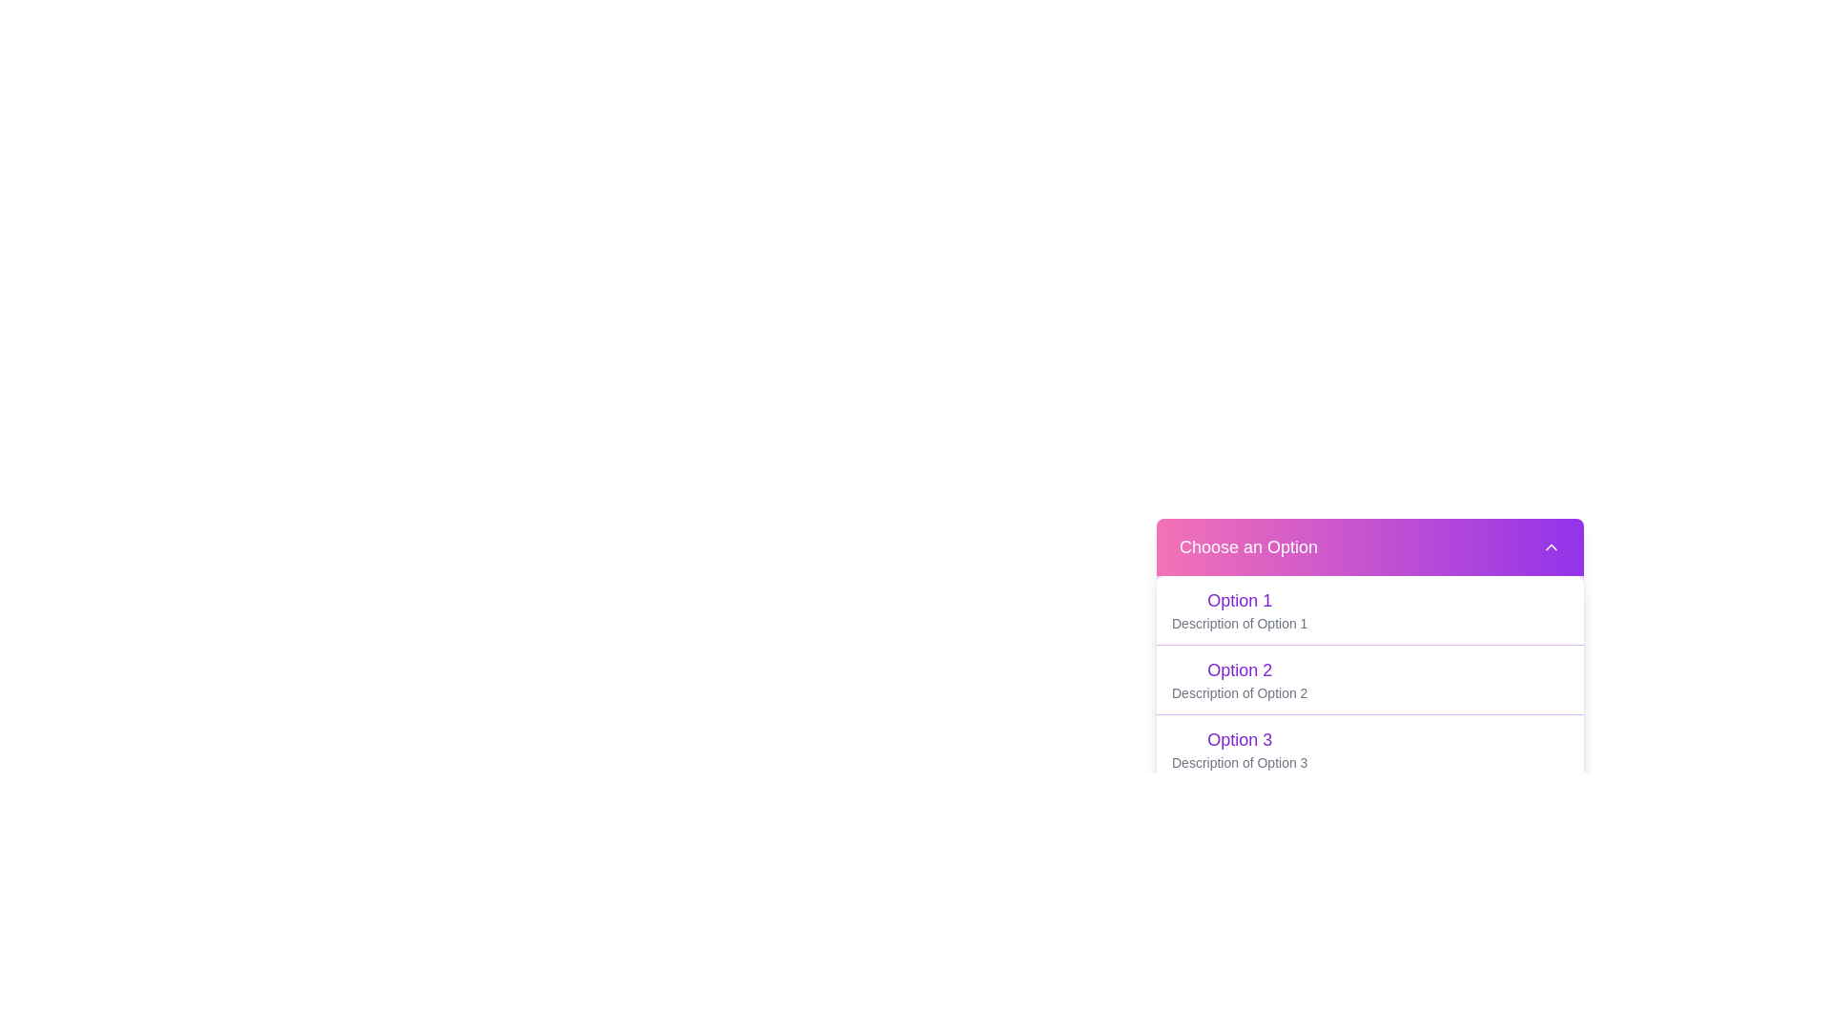  I want to click on the visibility toggle icon located at the far-right edge of the 'Choose an Option' header, so click(1552, 547).